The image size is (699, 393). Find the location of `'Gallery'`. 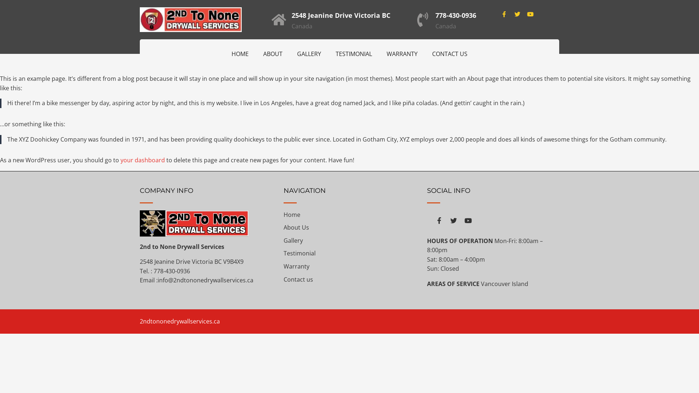

'Gallery' is located at coordinates (293, 240).